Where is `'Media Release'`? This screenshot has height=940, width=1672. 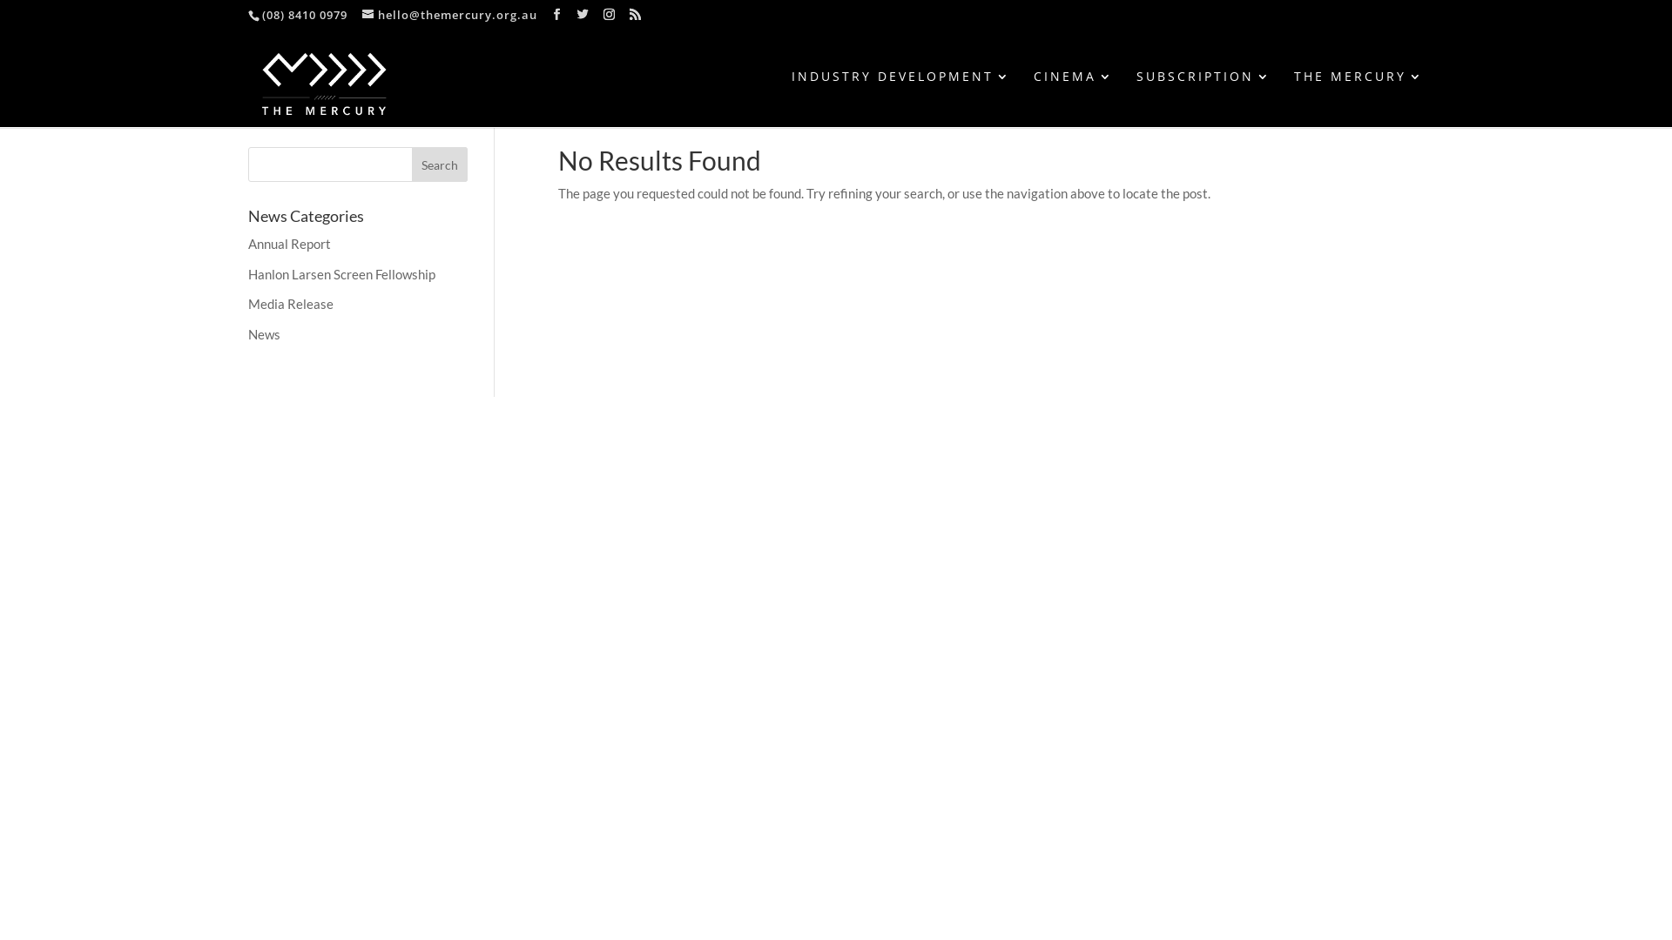 'Media Release' is located at coordinates (291, 302).